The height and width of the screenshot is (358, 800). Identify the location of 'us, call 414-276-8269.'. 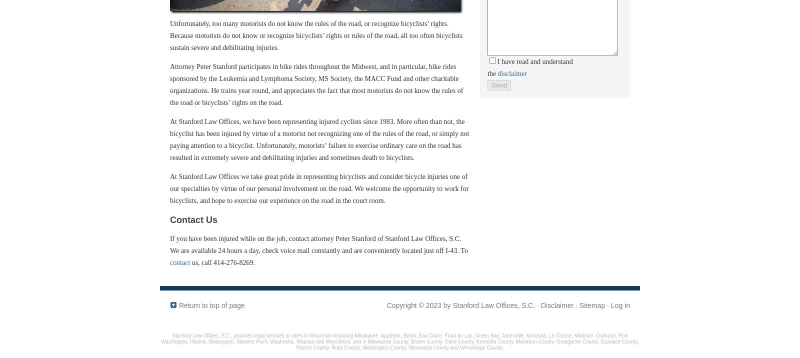
(190, 262).